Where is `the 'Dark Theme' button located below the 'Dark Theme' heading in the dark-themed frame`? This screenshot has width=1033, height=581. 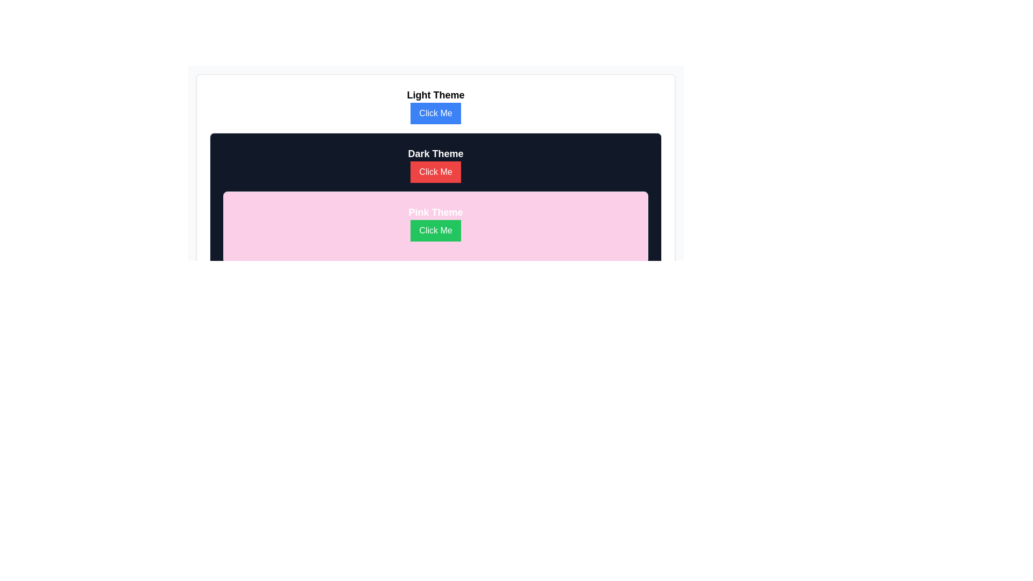
the 'Dark Theme' button located below the 'Dark Theme' heading in the dark-themed frame is located at coordinates (436, 182).